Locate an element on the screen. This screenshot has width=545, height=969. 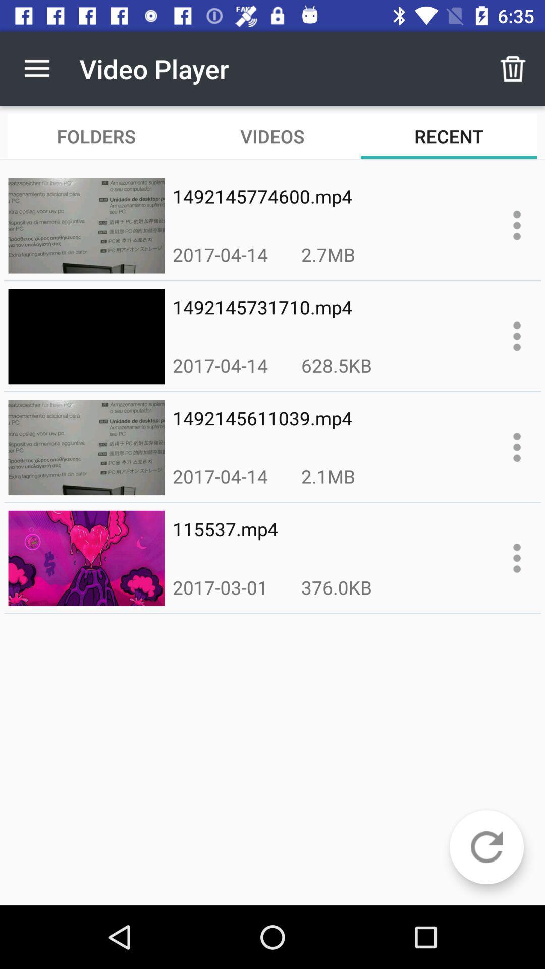
refresh page is located at coordinates (486, 847).